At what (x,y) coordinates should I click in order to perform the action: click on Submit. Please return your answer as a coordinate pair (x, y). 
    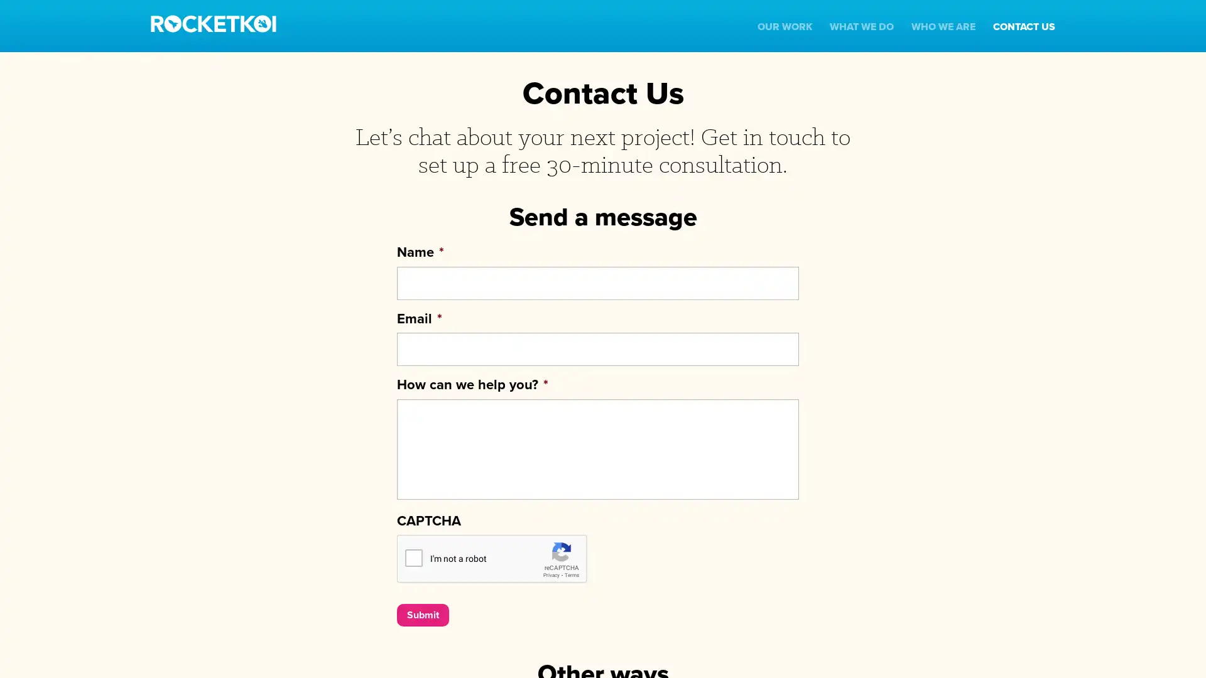
    Looking at the image, I should click on (423, 614).